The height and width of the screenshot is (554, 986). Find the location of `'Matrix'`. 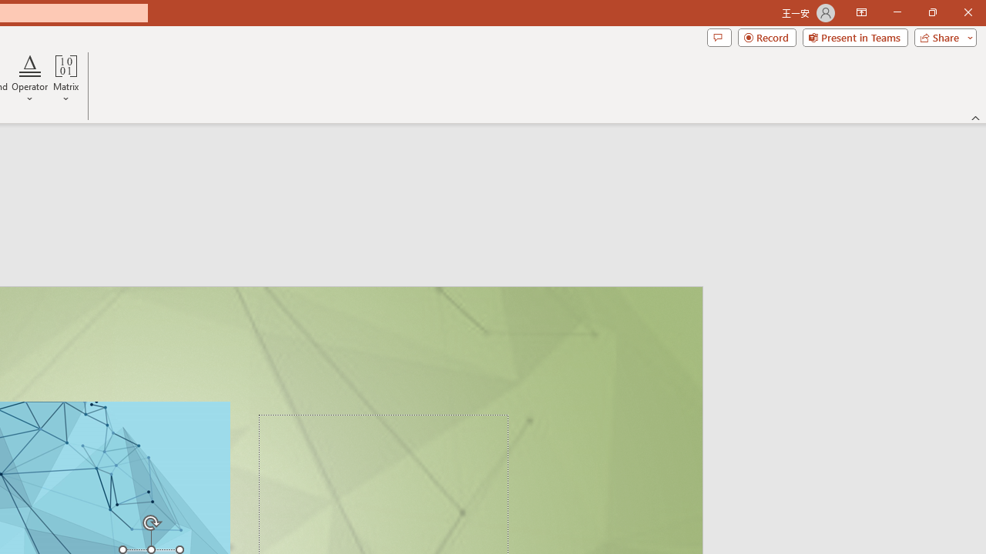

'Matrix' is located at coordinates (65, 79).